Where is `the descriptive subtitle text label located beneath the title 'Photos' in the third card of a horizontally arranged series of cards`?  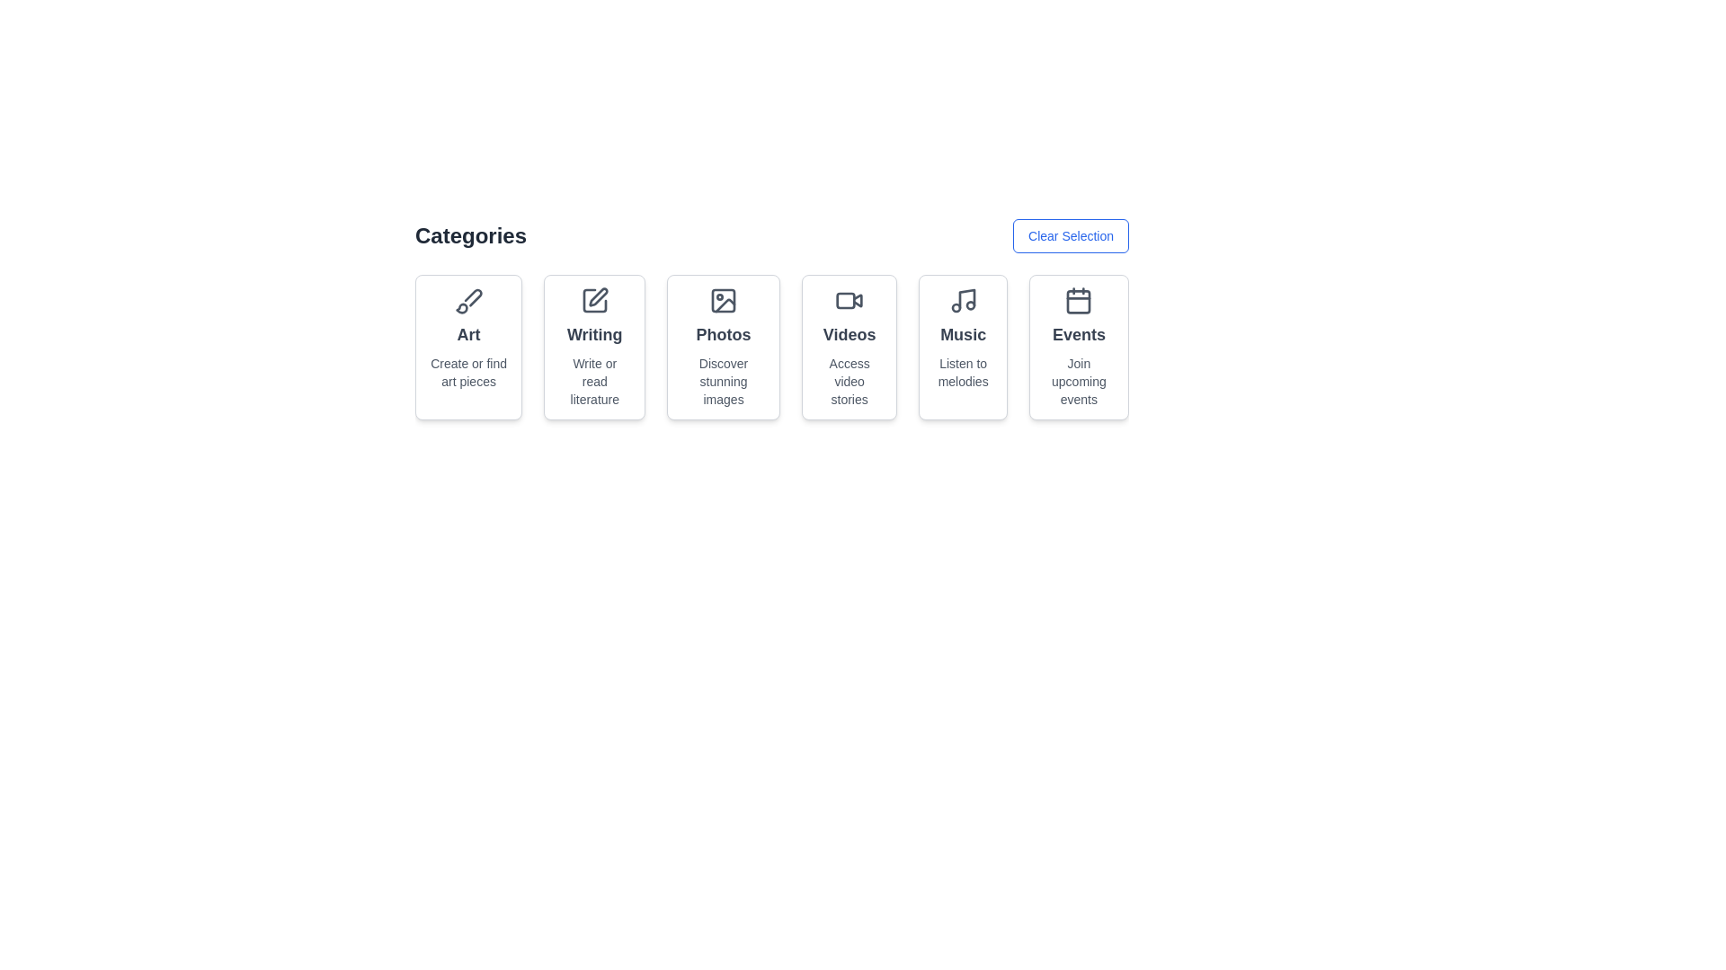
the descriptive subtitle text label located beneath the title 'Photos' in the third card of a horizontally arranged series of cards is located at coordinates (724, 380).